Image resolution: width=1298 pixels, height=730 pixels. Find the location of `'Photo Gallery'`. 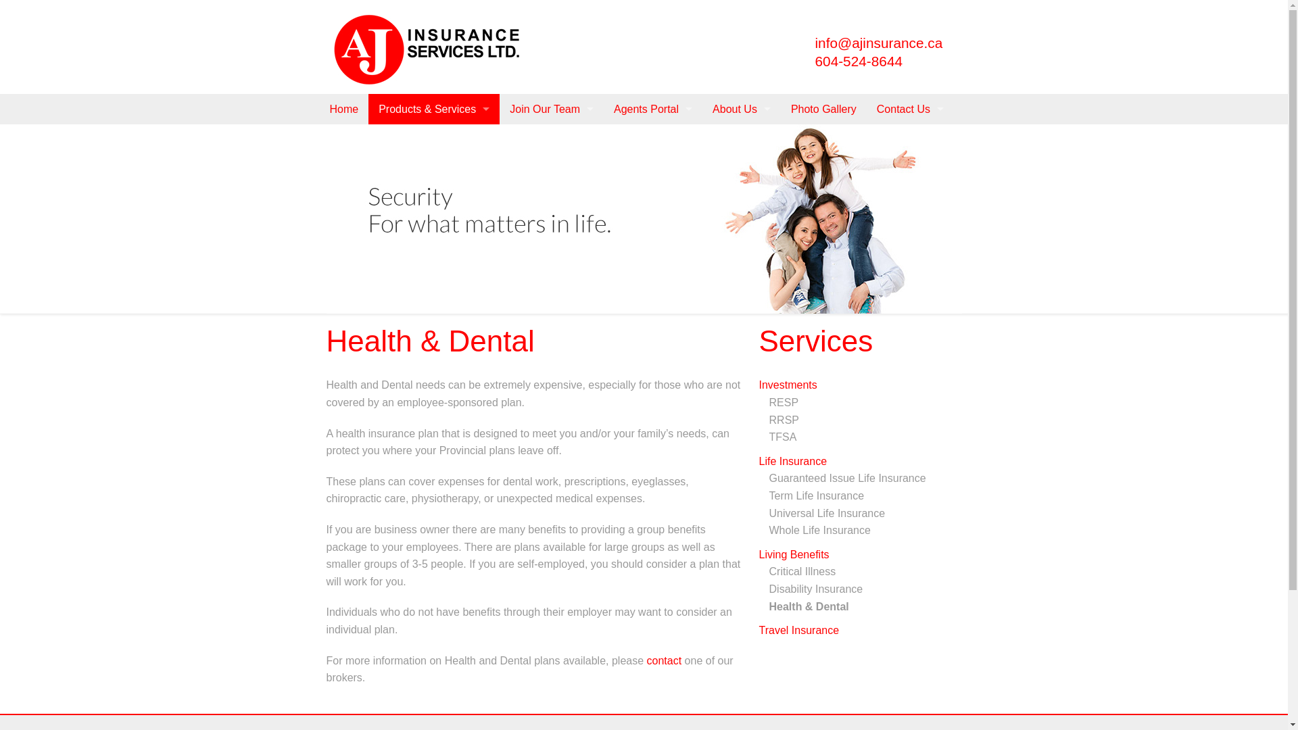

'Photo Gallery' is located at coordinates (823, 108).